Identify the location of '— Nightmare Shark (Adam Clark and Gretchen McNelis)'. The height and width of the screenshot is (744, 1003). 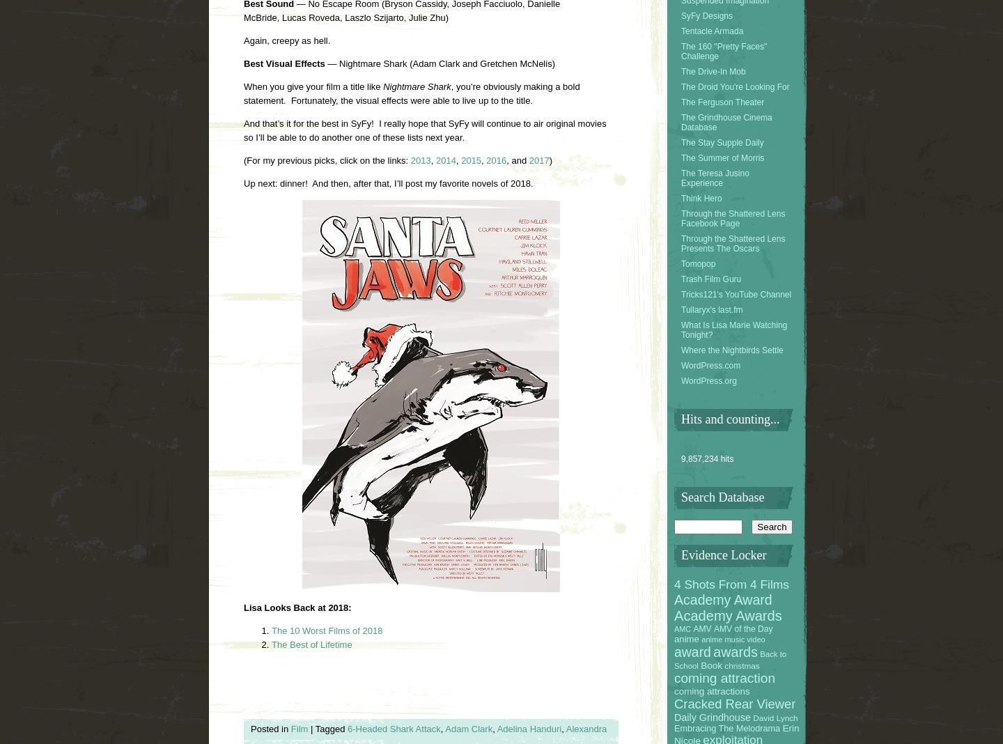
(439, 62).